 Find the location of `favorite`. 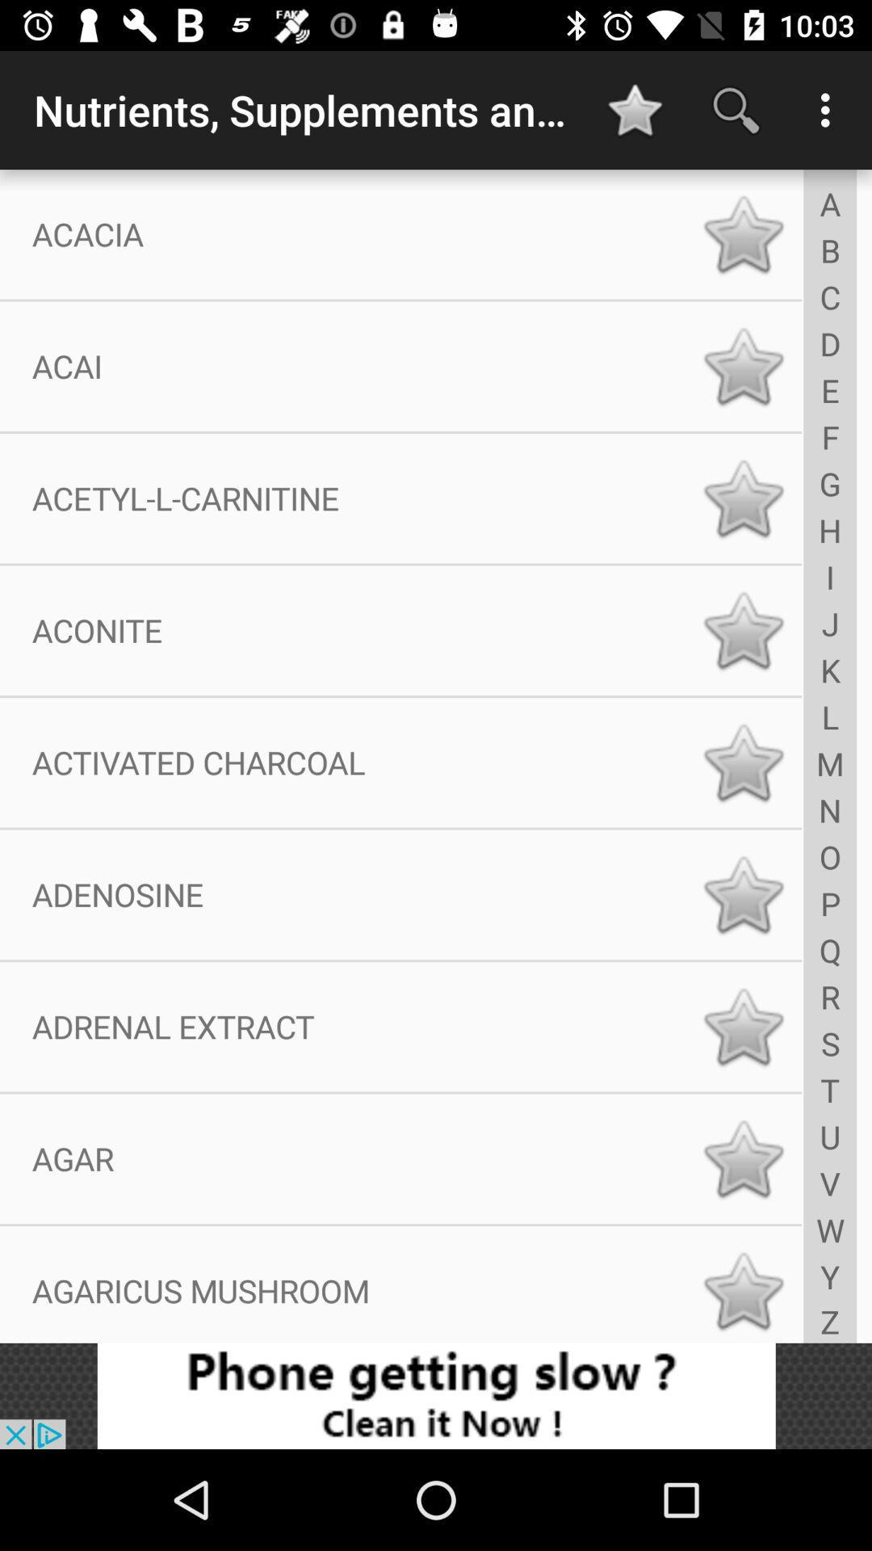

favorite is located at coordinates (743, 365).